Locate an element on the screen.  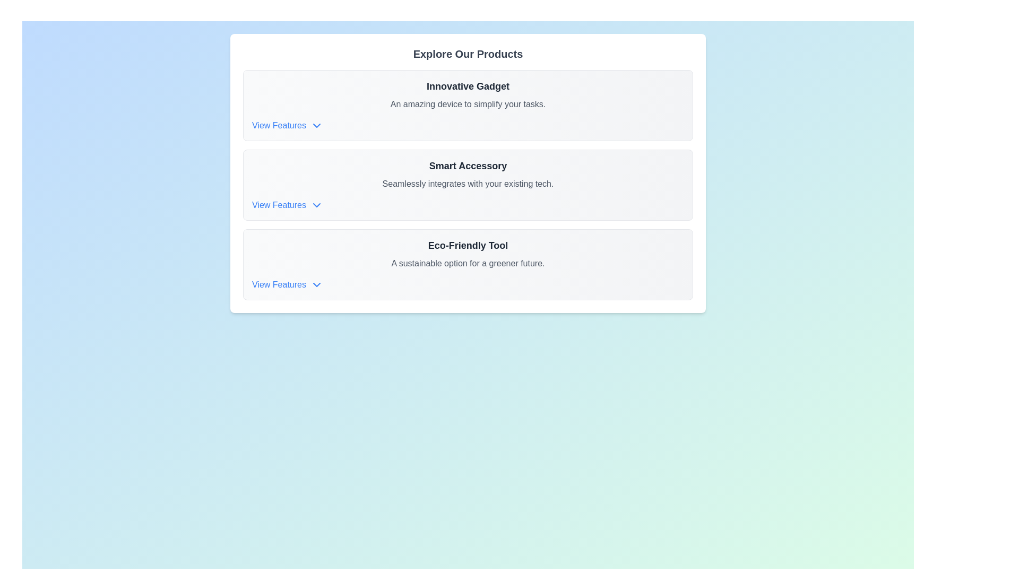
the text snippet that says 'An amazing device to simplify your tasks.', which is styled in gray font and located beneath the title 'Innovative Gadget' is located at coordinates (468, 104).